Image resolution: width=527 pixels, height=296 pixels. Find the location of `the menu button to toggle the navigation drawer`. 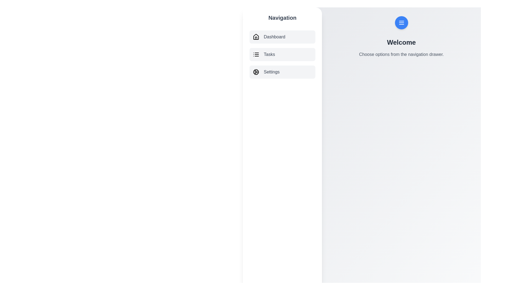

the menu button to toggle the navigation drawer is located at coordinates (401, 22).